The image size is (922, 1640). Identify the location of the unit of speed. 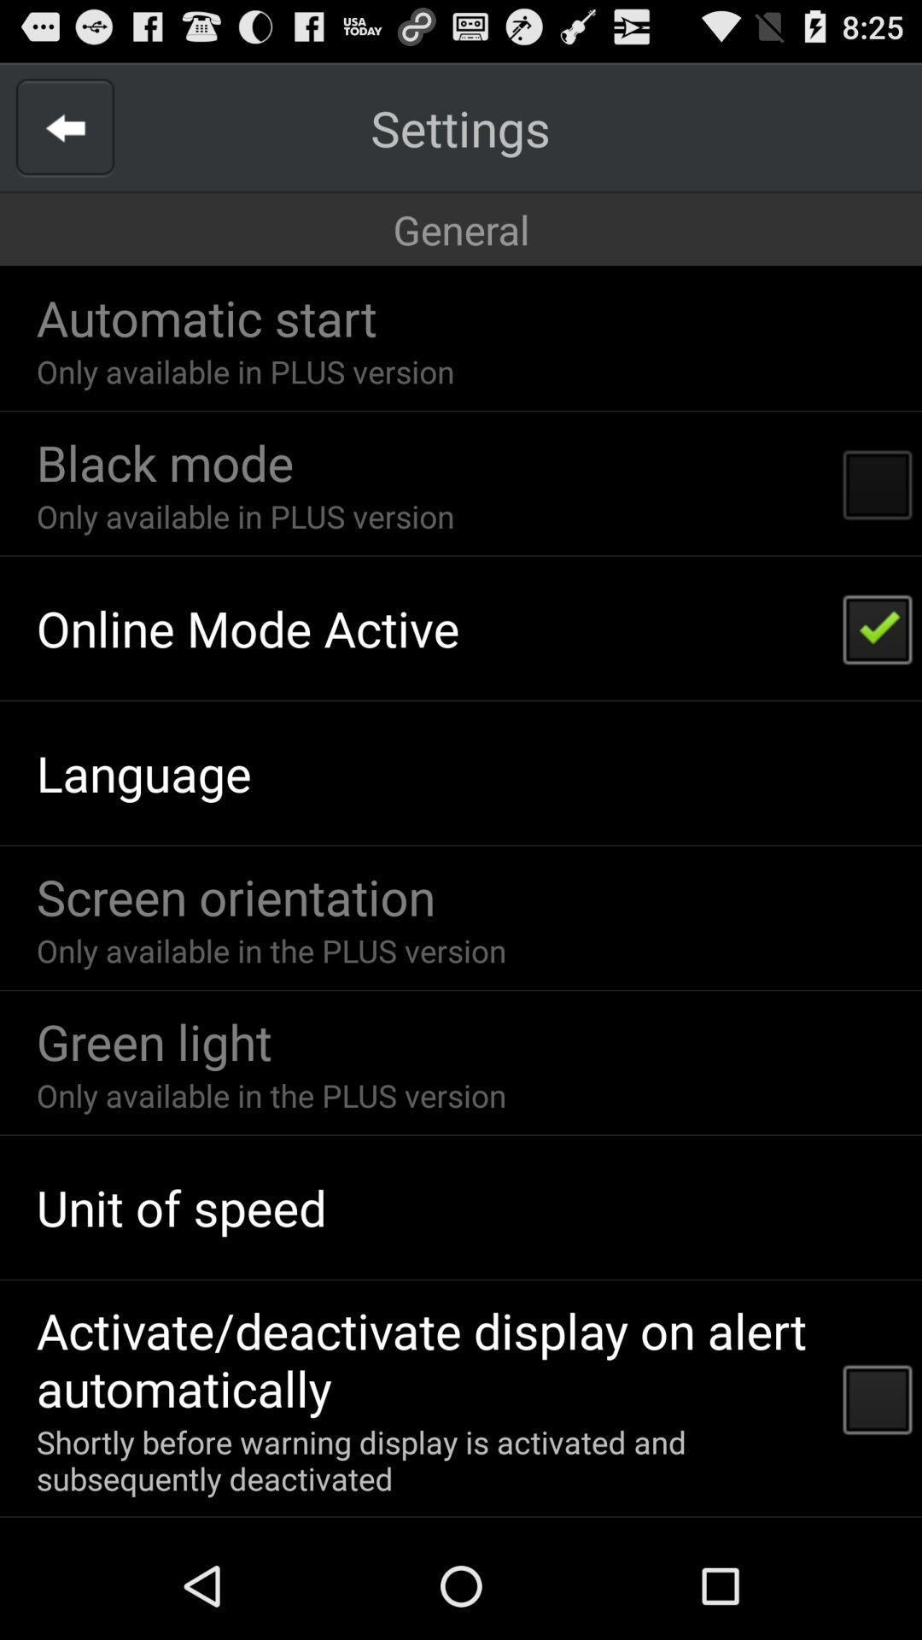
(181, 1206).